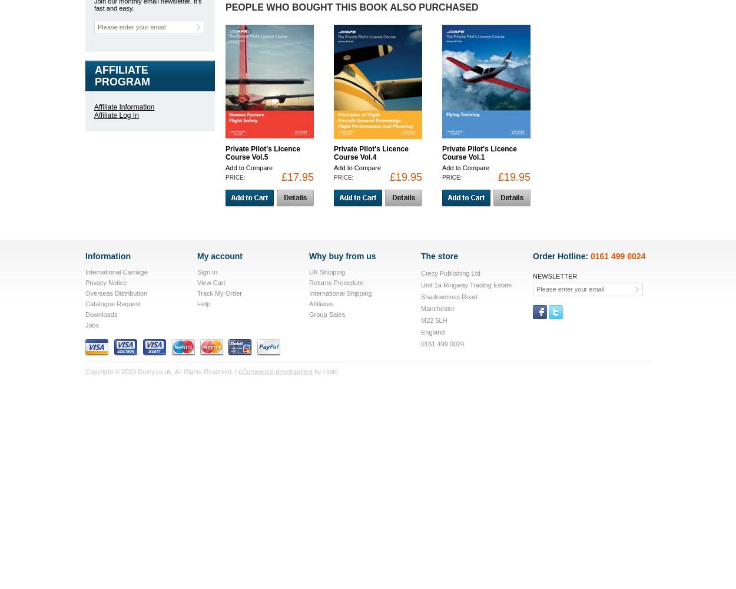  Describe the element at coordinates (466, 284) in the screenshot. I see `'Unit 1a Ringway Trading Estate'` at that location.